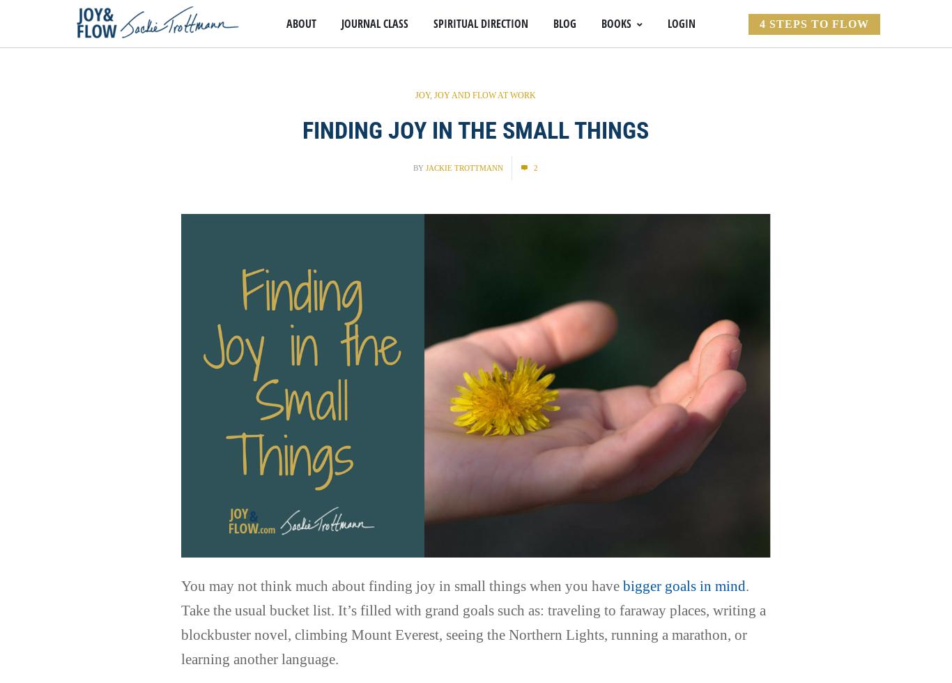 This screenshot has width=952, height=683. I want to click on 'by', so click(418, 167).